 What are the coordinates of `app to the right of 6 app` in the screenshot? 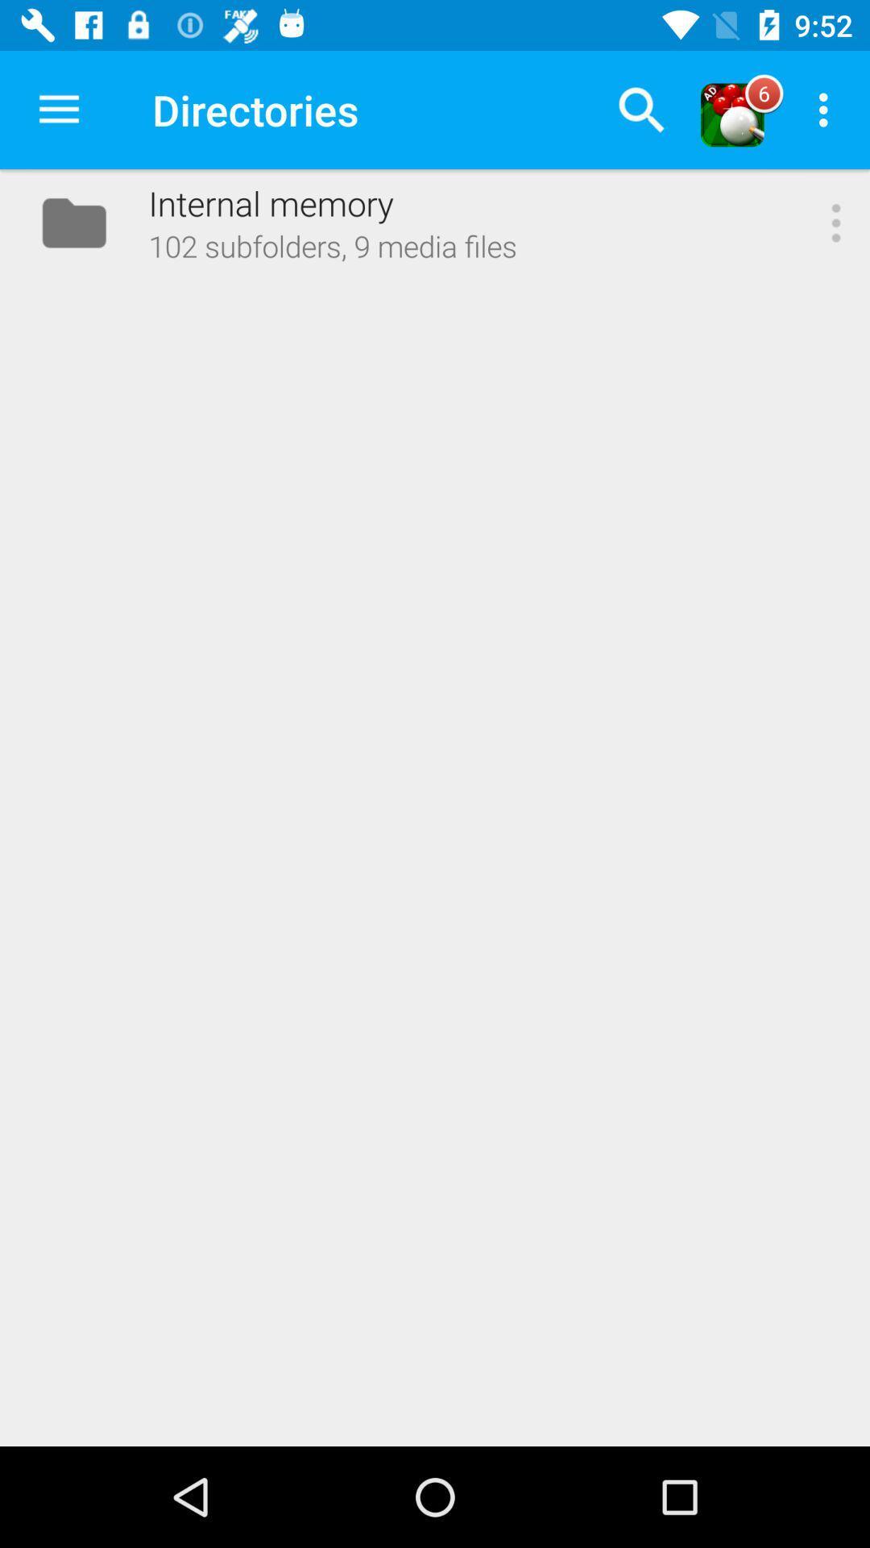 It's located at (827, 109).